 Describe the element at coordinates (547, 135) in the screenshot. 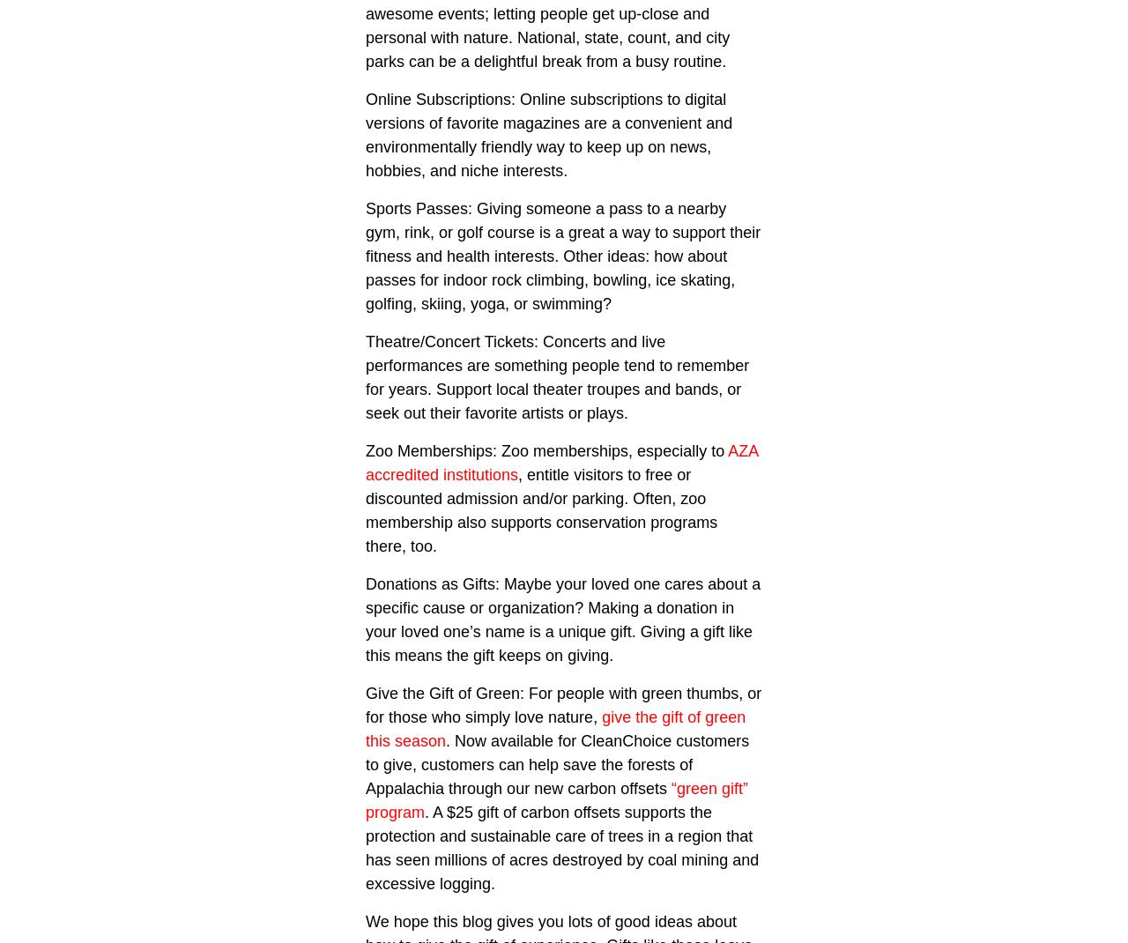

I see `'Online Subscriptions: Online subscriptions to digital versions of favorite magazines are a convenient and environmentally friendly way to keep up on news, hobbies, and niche interests.'` at that location.